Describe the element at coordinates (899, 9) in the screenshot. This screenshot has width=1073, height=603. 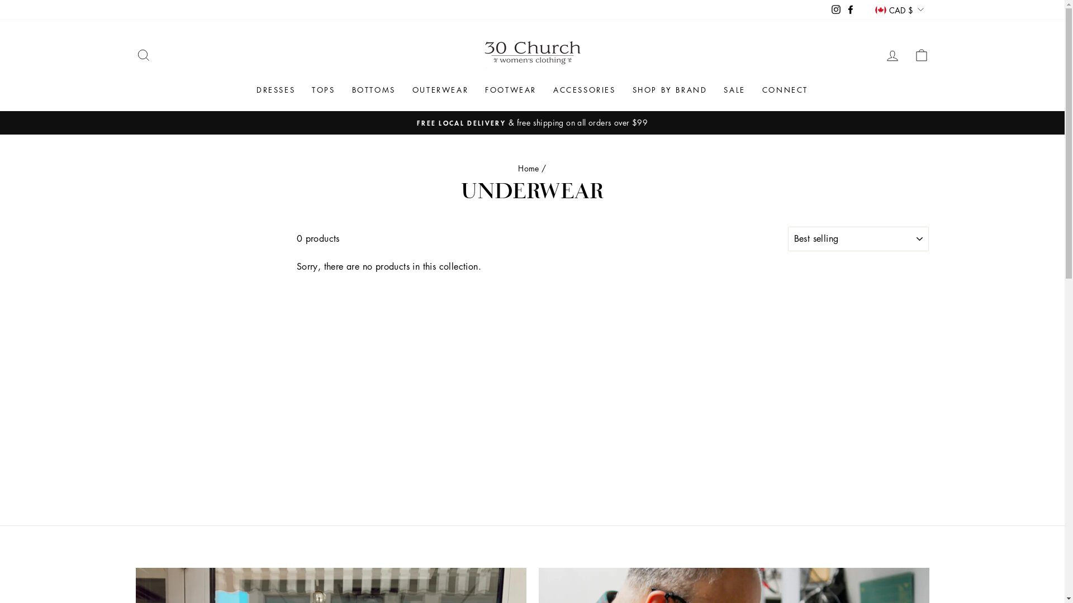
I see `'CAD $'` at that location.